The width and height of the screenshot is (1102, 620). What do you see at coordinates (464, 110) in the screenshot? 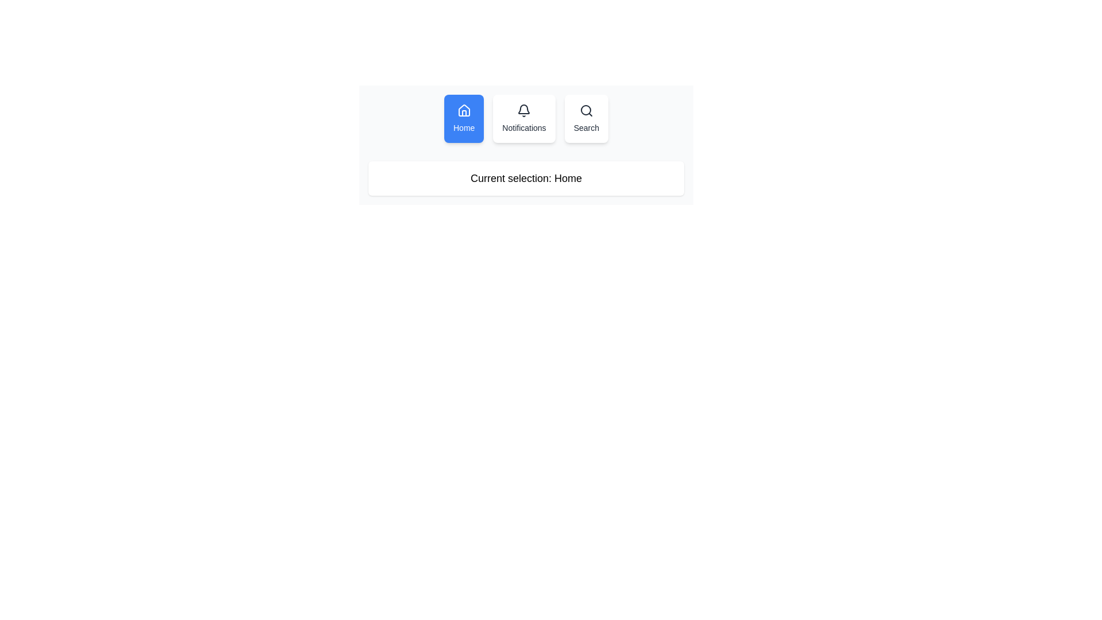
I see `the house icon with a bold outline and white stroke color, located within the 'Home' navigation button` at bounding box center [464, 110].